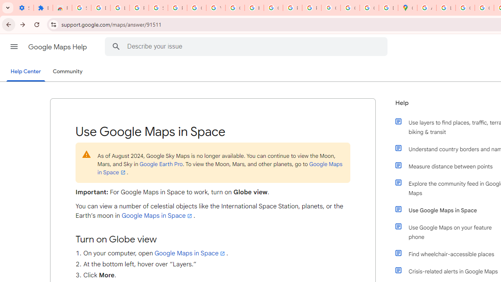 The width and height of the screenshot is (501, 282). Describe the element at coordinates (407, 8) in the screenshot. I see `'Google Maps'` at that location.